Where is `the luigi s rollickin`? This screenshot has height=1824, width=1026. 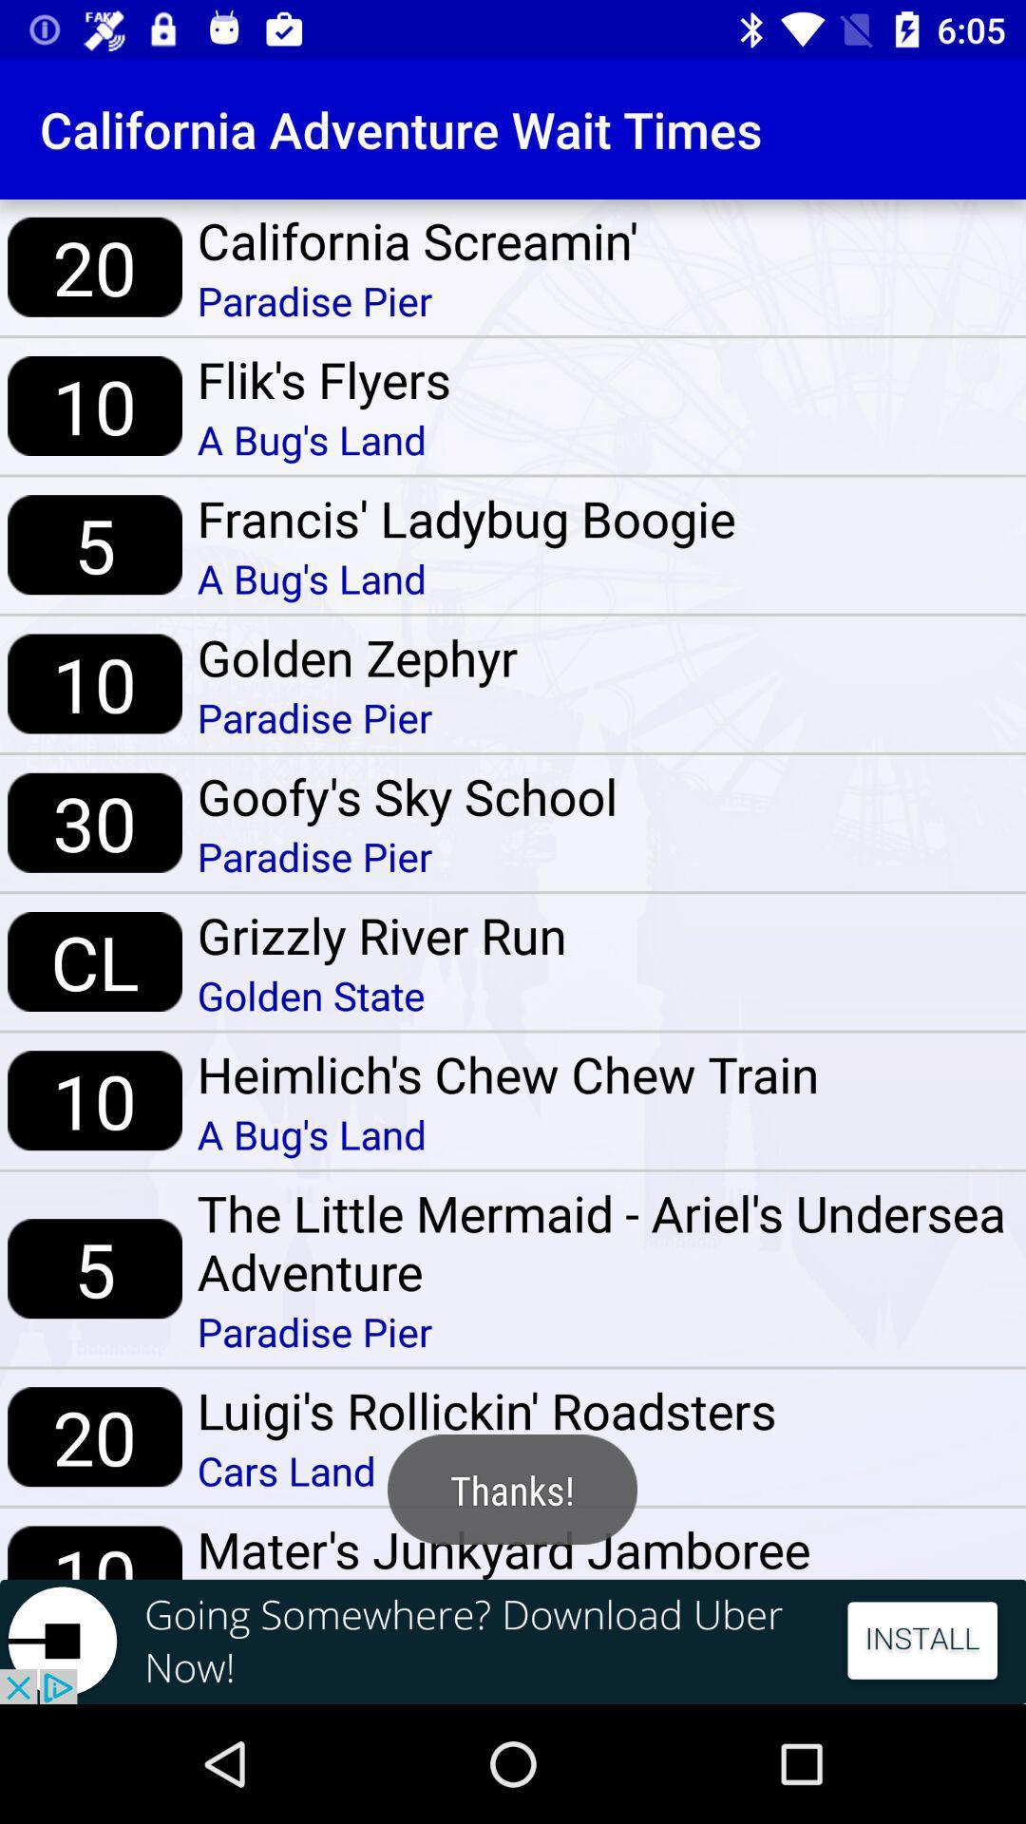 the luigi s rollickin is located at coordinates (485, 1410).